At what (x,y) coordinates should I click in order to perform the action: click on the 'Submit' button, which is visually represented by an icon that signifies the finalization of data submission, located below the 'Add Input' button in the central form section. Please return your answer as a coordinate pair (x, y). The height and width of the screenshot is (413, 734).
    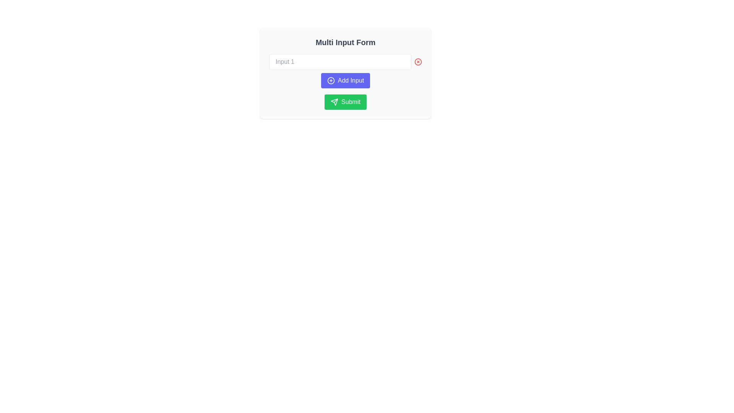
    Looking at the image, I should click on (335, 101).